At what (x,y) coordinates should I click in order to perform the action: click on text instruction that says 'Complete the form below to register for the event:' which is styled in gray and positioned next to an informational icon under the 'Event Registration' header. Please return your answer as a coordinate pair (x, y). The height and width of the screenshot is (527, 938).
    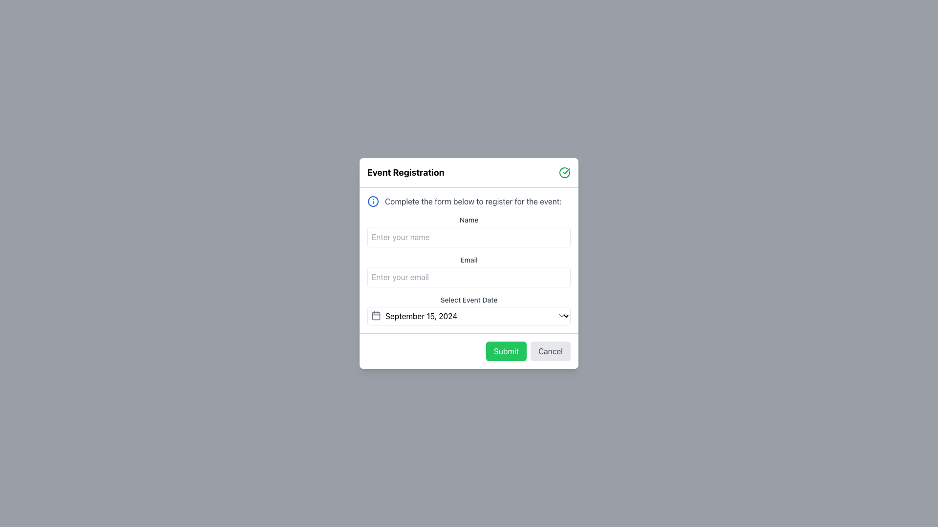
    Looking at the image, I should click on (473, 201).